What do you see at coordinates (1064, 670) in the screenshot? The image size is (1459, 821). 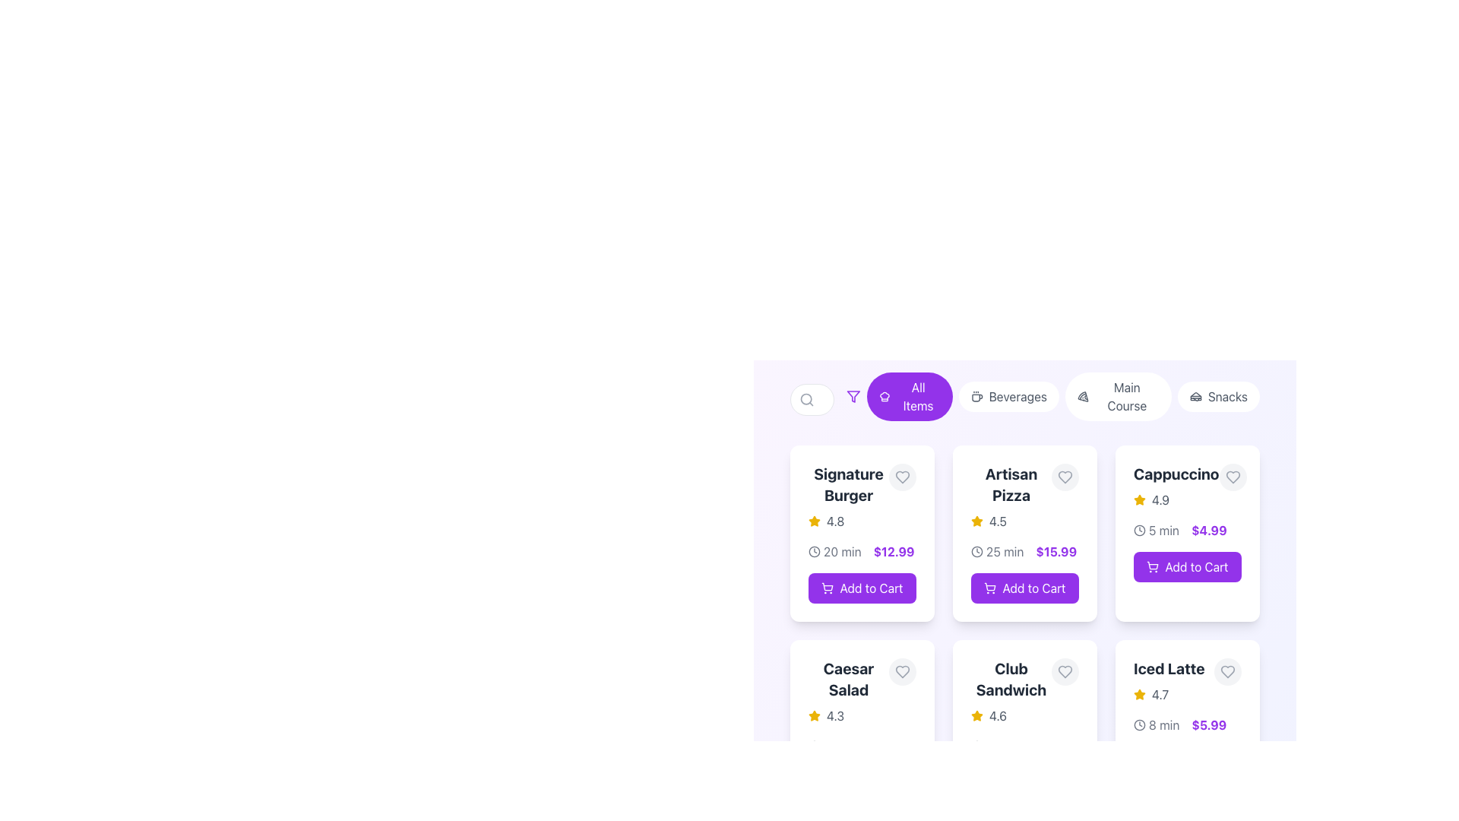 I see `the heart icon within the round button located in the top-right corner of the 'Club Sandwich' card` at bounding box center [1064, 670].